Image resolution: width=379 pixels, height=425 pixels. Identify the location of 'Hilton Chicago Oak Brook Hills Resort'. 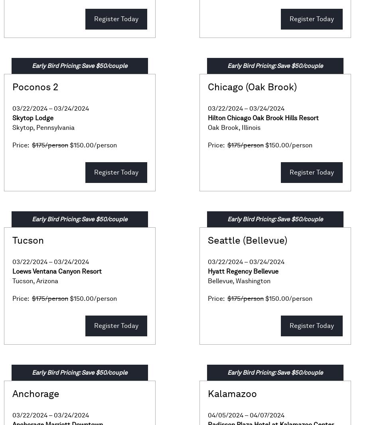
(263, 118).